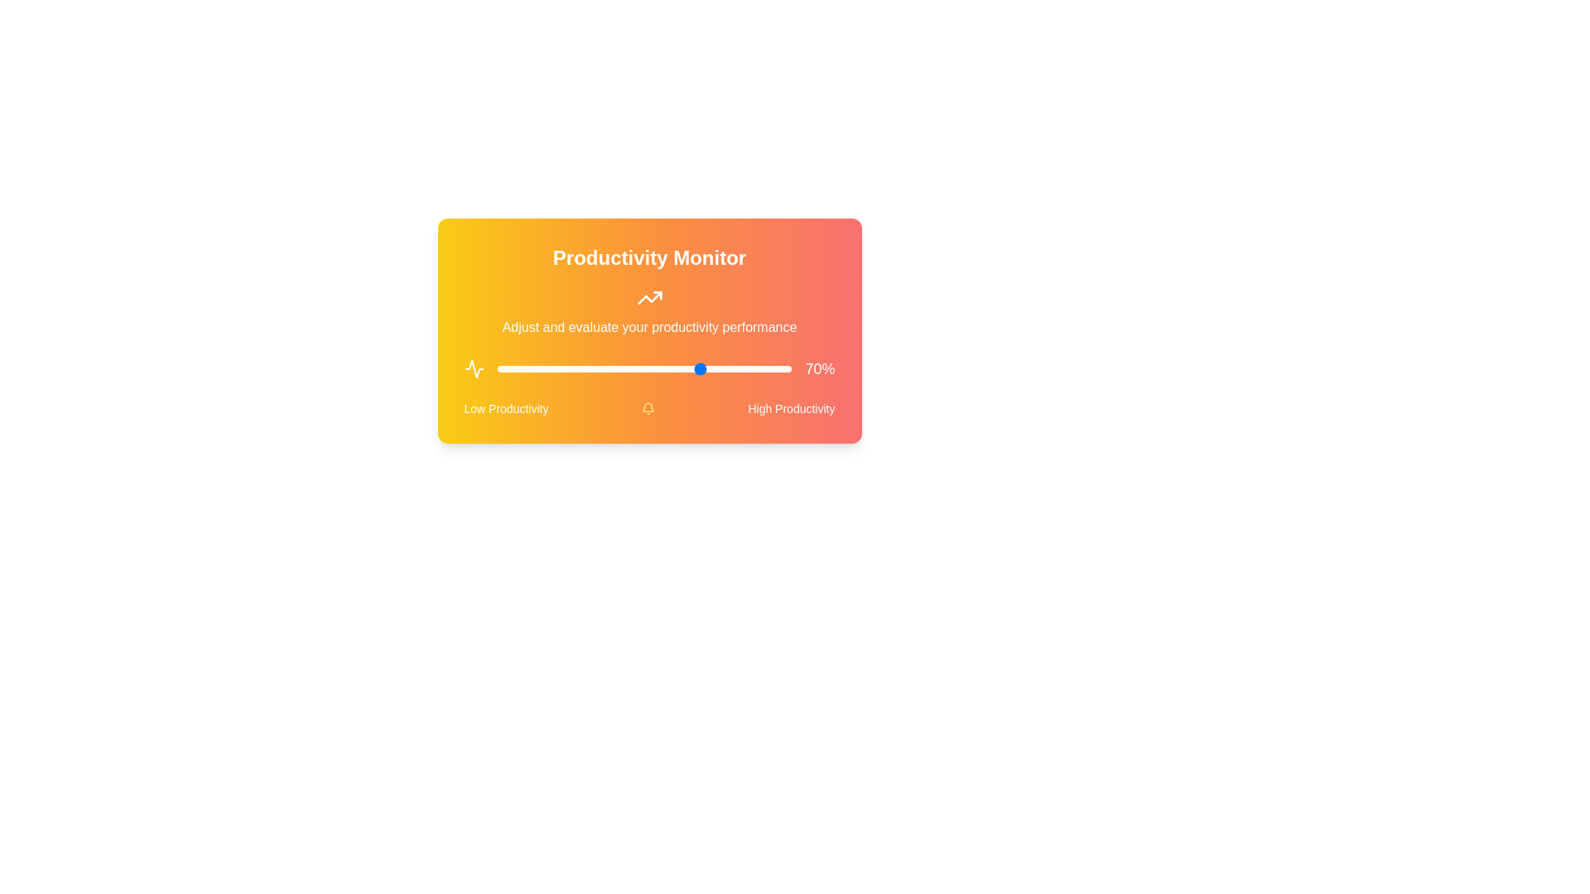  I want to click on the slider to set the productivity value to 94, so click(773, 368).